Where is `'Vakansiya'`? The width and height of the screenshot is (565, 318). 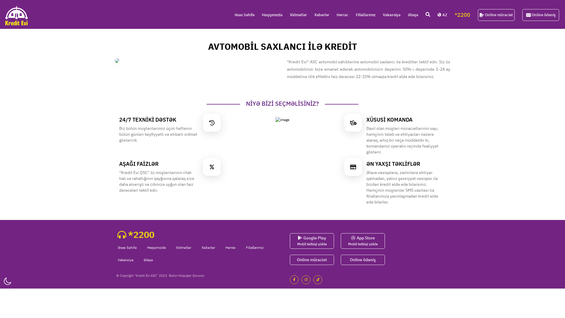
'Vakansiya' is located at coordinates (391, 14).